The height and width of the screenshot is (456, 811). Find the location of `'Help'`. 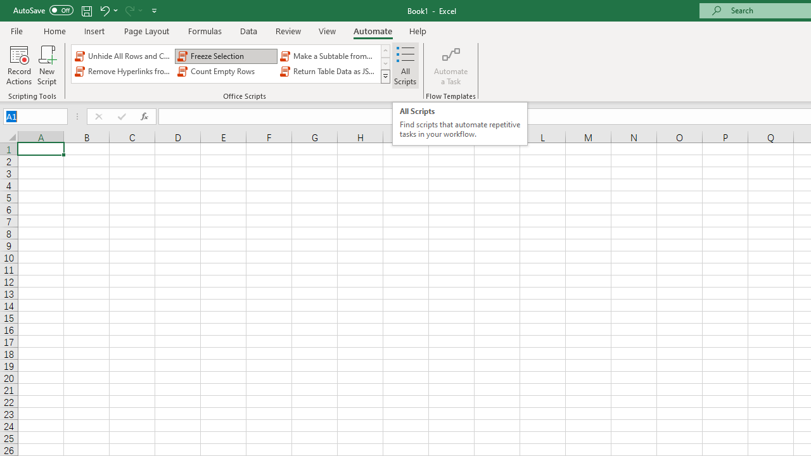

'Help' is located at coordinates (418, 30).